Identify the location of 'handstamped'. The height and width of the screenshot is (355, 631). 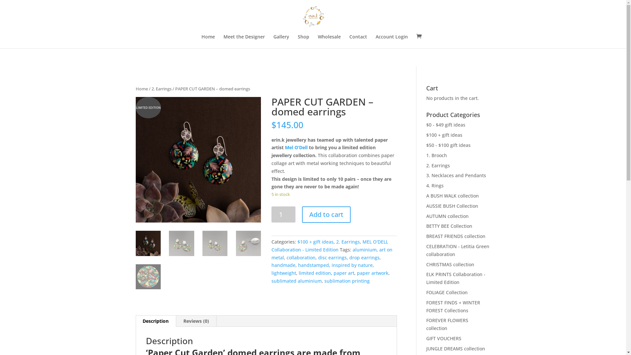
(313, 265).